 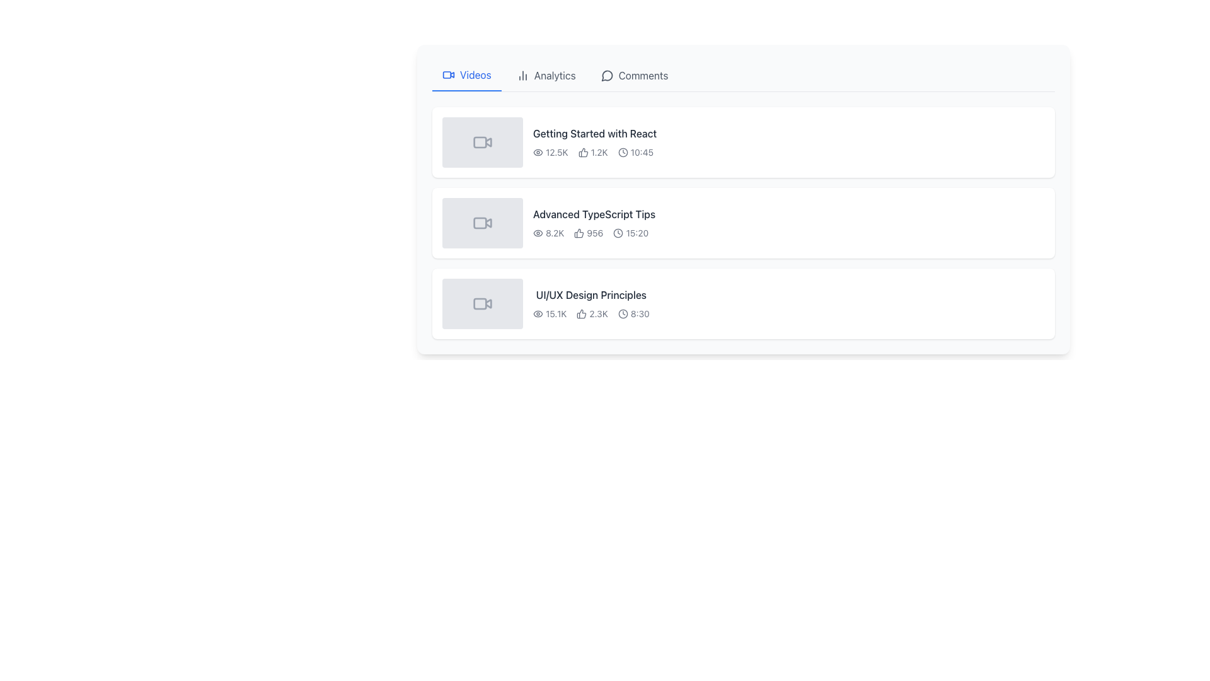 I want to click on the views count text element located to the left of the likes count ('2.3K') and the duration ('8:30') below the video title 'UI/UX Design Principles', so click(x=550, y=313).